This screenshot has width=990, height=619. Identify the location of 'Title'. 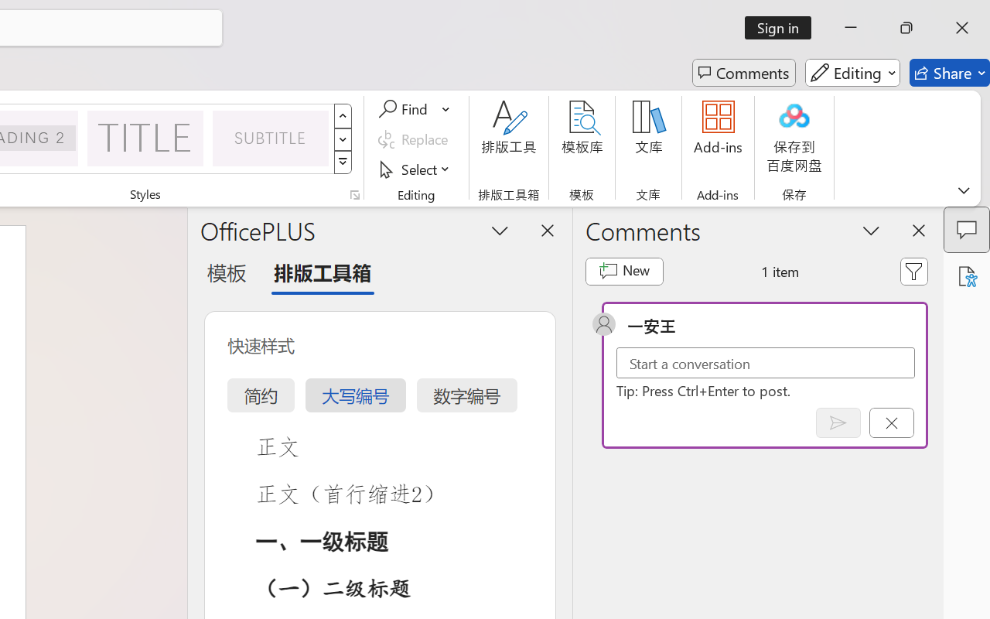
(145, 137).